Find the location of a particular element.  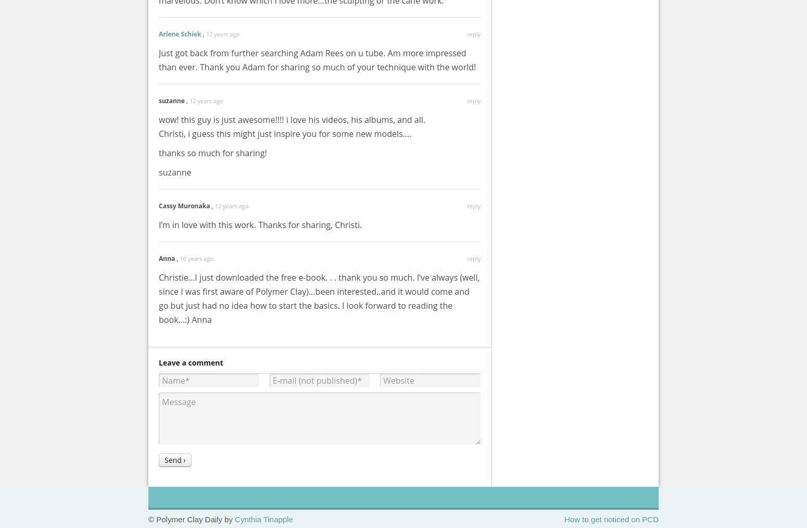

'I’m in love with this work.  Thanks for sharing, Christi.' is located at coordinates (260, 224).